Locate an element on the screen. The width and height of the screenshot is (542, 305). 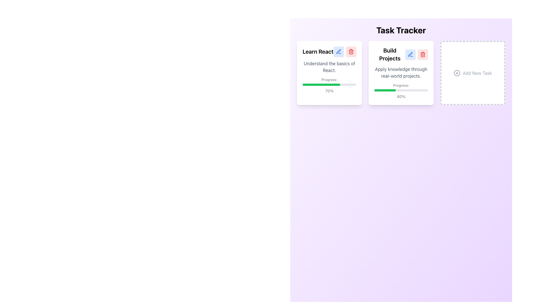
the 'Learn React' text label, which serves as the title for the card in the Task Tracker section is located at coordinates (318, 51).